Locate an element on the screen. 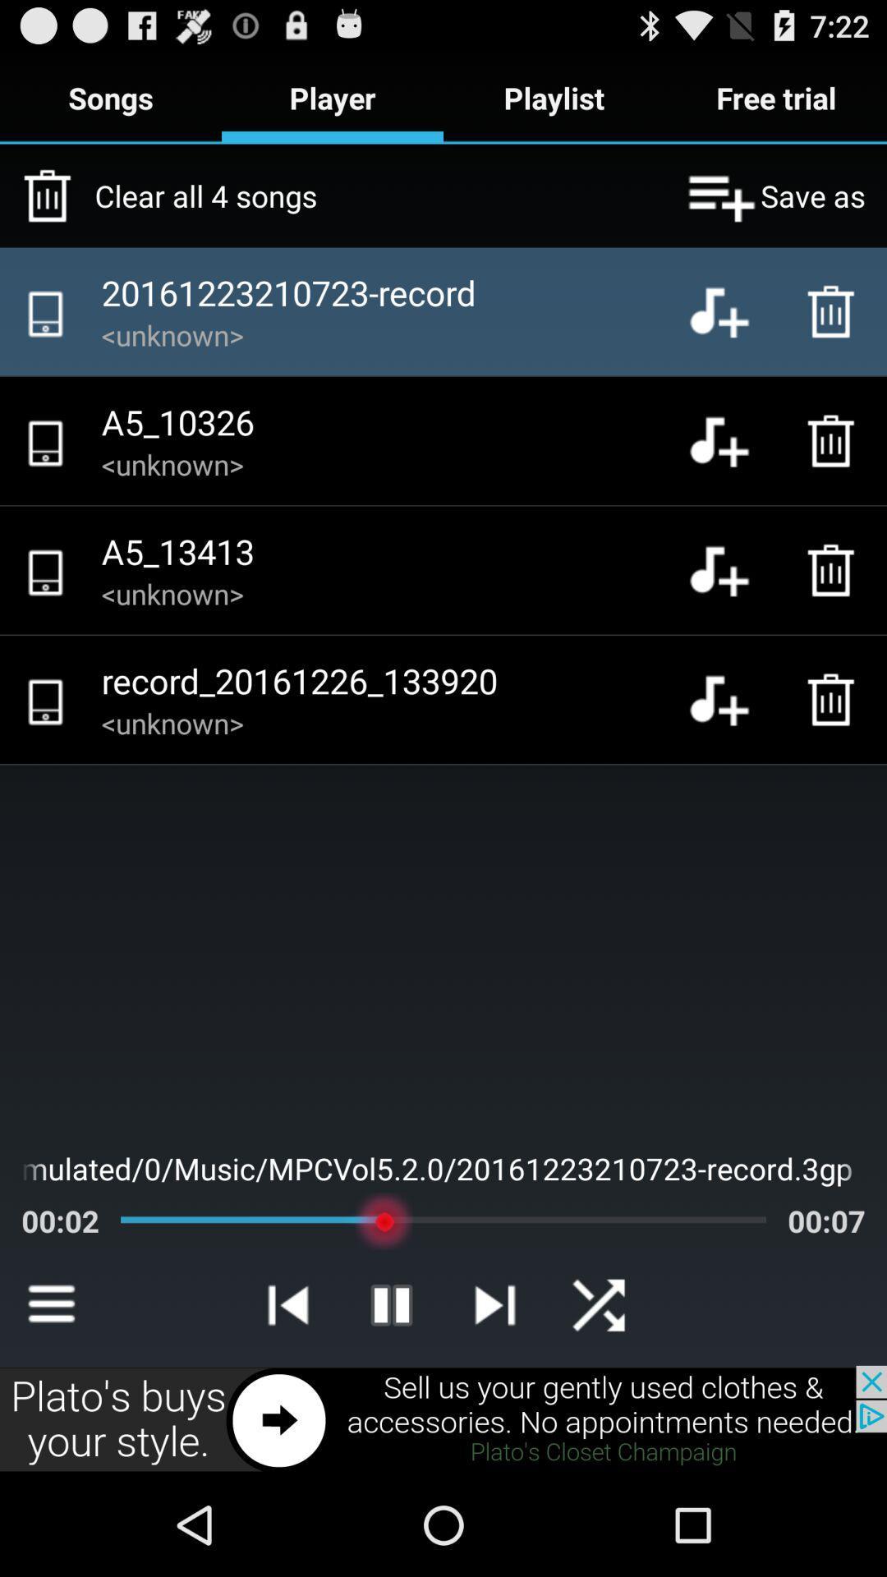 The height and width of the screenshot is (1577, 887). the close icon is located at coordinates (599, 1395).